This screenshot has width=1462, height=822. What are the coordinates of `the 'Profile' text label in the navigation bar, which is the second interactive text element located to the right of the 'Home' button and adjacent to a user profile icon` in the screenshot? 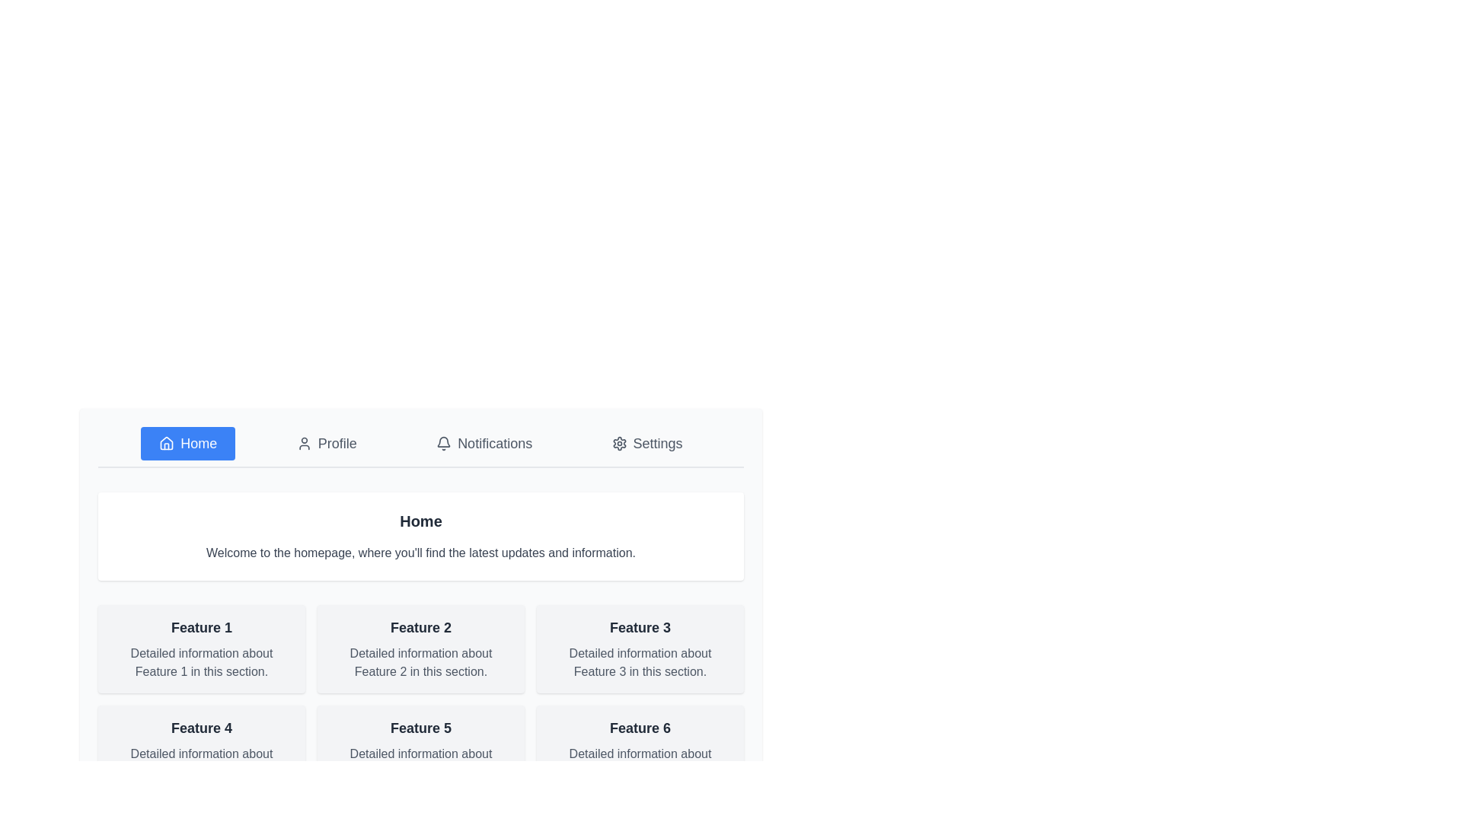 It's located at (337, 443).